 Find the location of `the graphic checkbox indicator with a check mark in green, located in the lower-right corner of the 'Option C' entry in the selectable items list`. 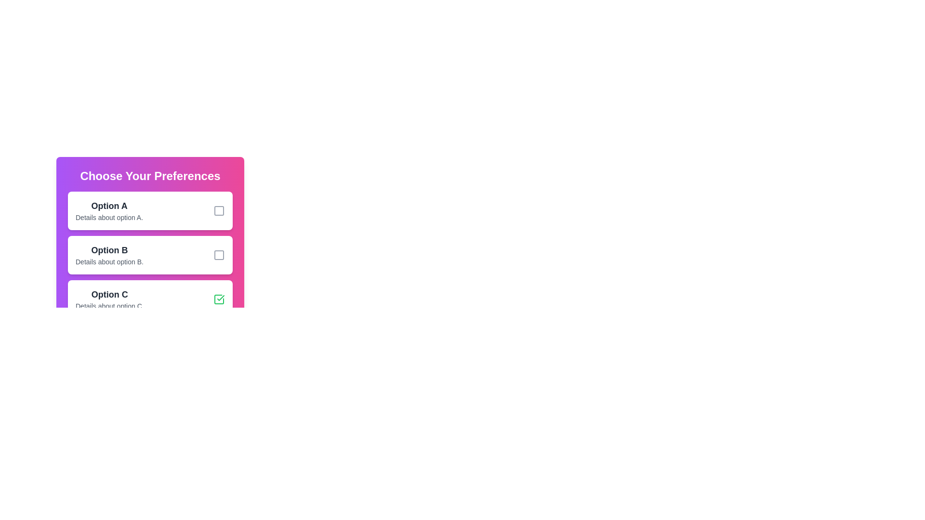

the graphic checkbox indicator with a check mark in green, located in the lower-right corner of the 'Option C' entry in the selectable items list is located at coordinates (219, 299).